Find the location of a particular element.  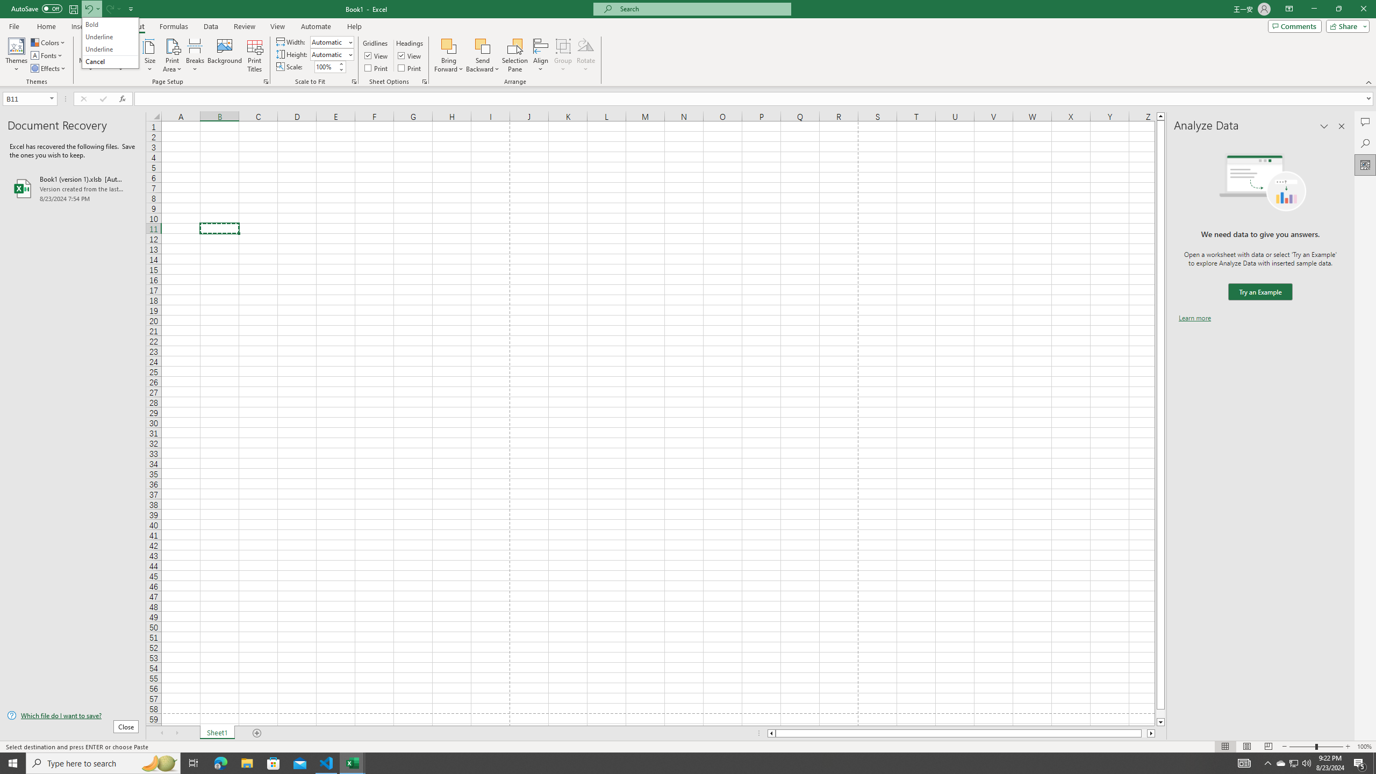

'Scale' is located at coordinates (326, 66).